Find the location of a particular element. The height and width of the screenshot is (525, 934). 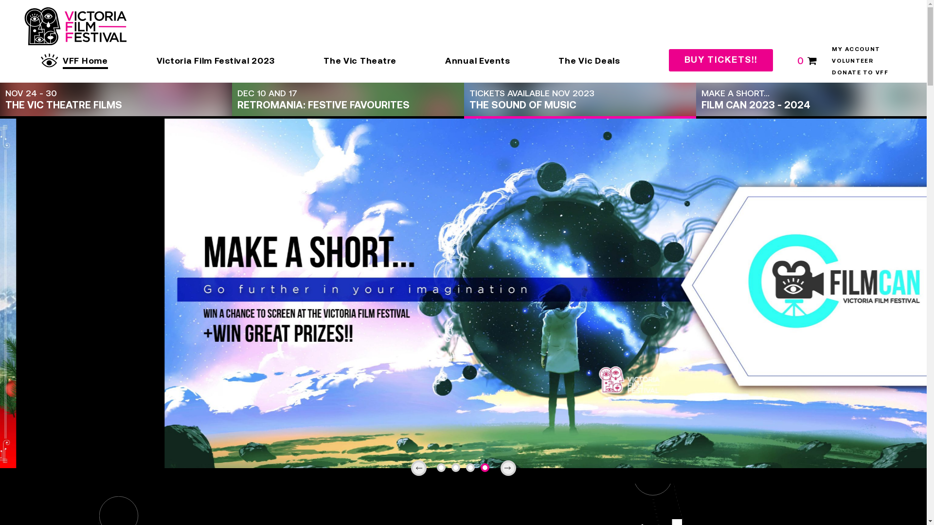

'VOLUNTEER' is located at coordinates (831, 60).